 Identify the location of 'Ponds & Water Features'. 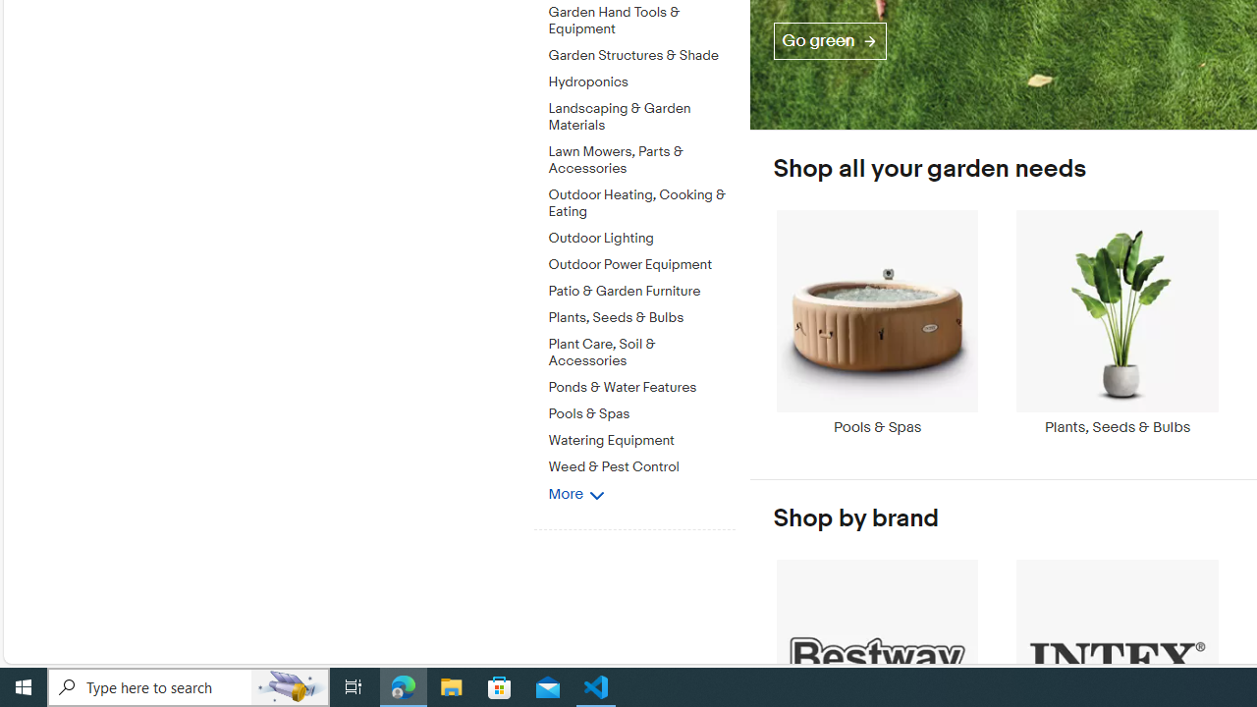
(641, 388).